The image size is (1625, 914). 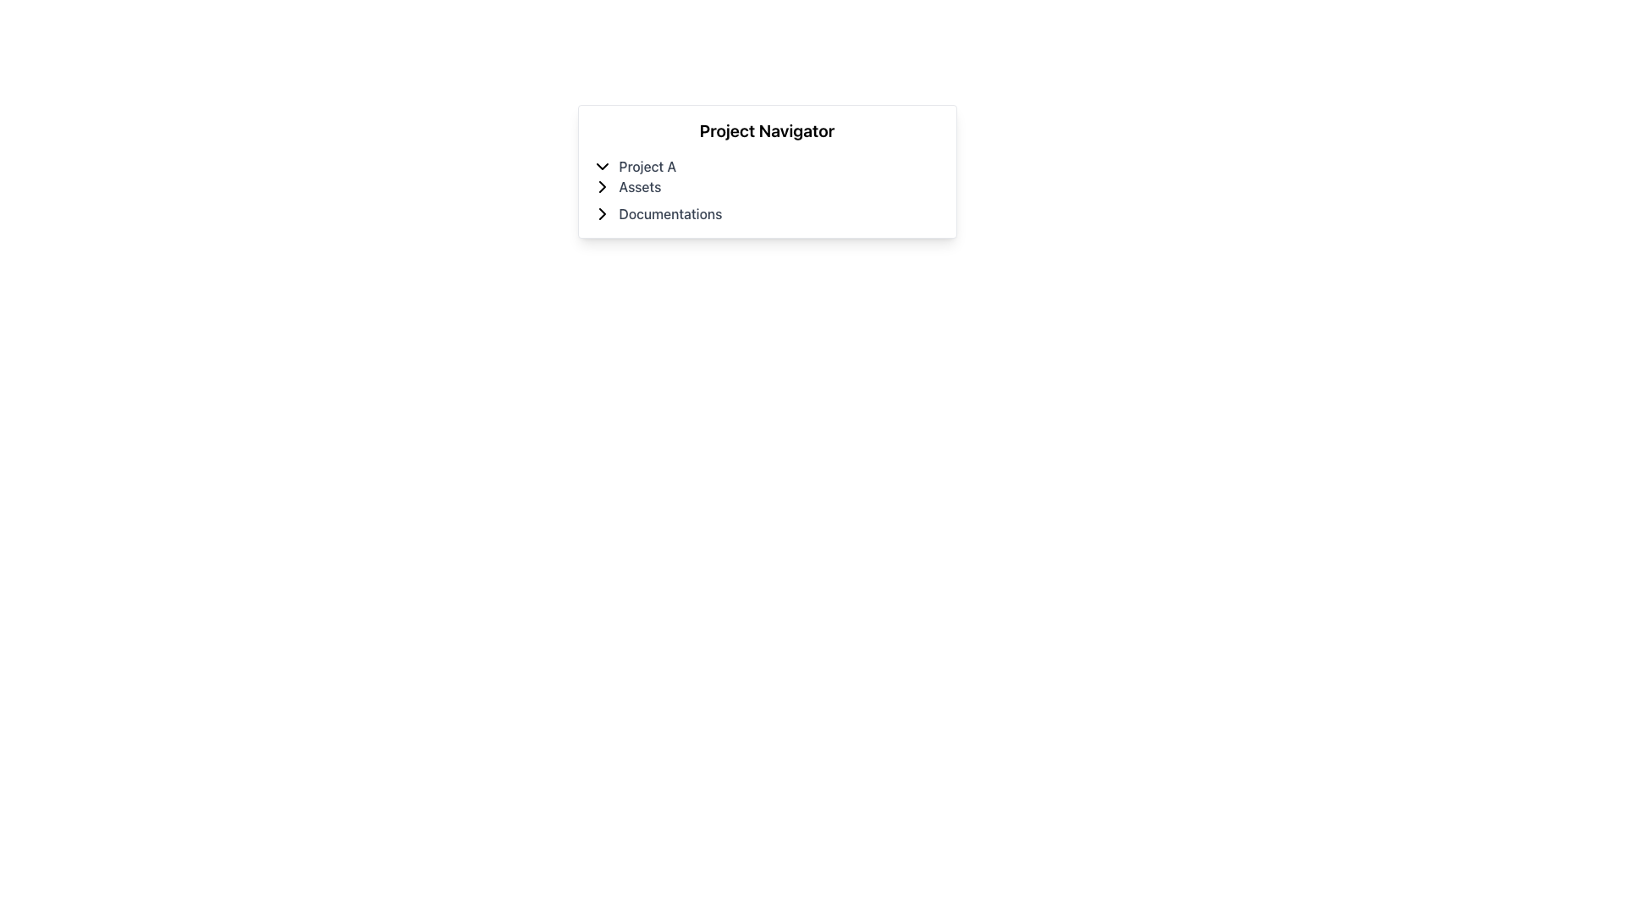 I want to click on the navigation item labeled 'Documentations' under 'Project A', so click(x=766, y=213).